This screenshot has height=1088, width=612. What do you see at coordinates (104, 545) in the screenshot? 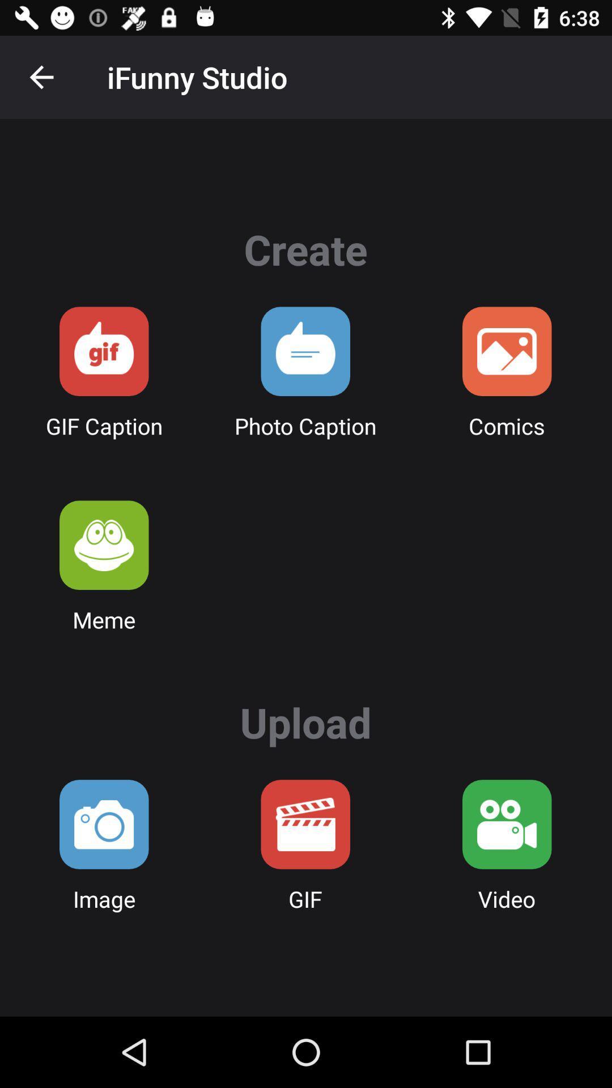
I see `a meme` at bounding box center [104, 545].